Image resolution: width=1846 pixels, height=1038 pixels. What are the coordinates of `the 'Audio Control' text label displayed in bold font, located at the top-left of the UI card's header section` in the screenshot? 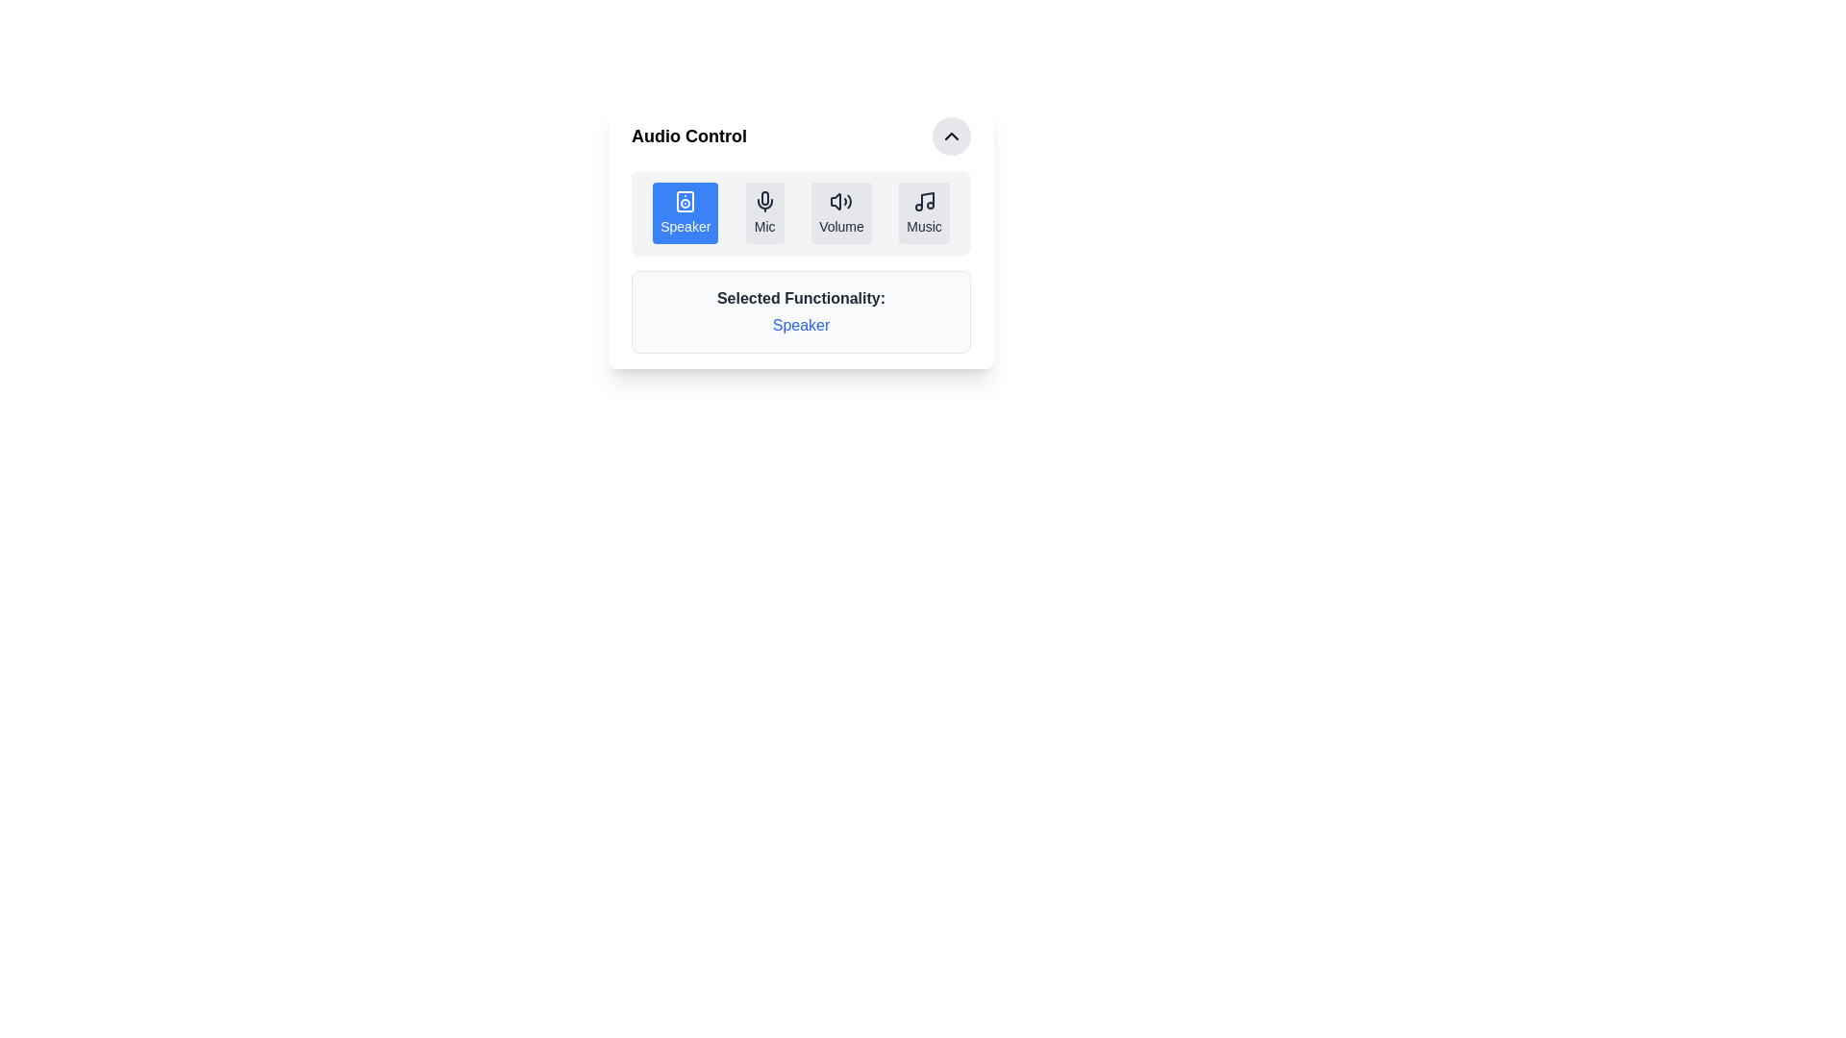 It's located at (688, 136).